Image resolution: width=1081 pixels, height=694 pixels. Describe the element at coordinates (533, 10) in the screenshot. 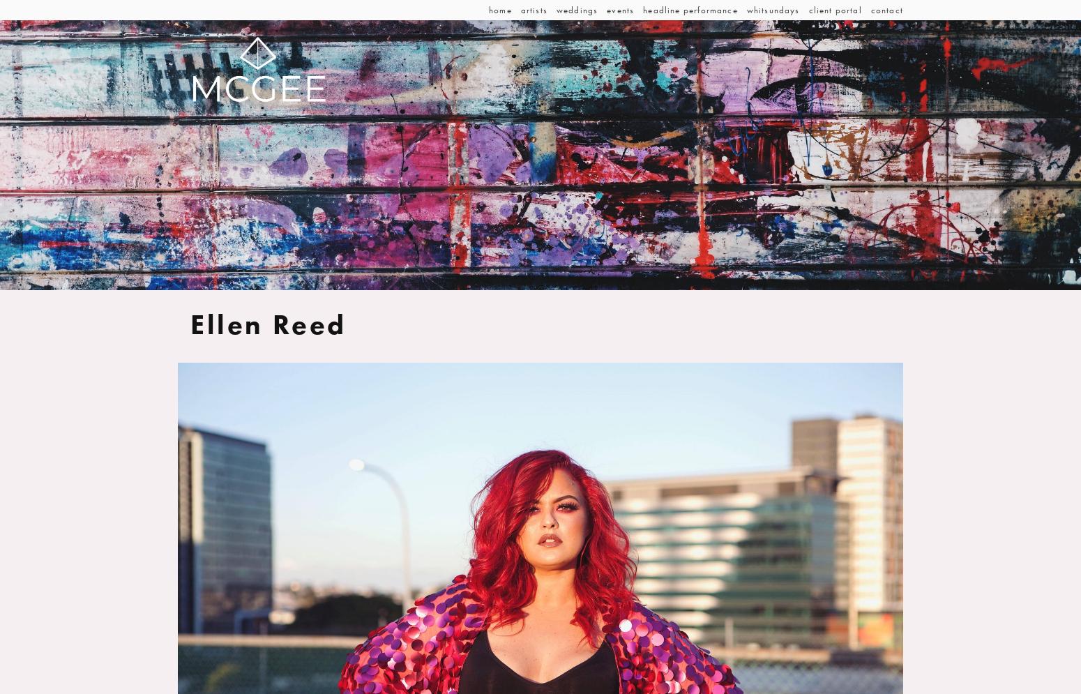

I see `'Artists'` at that location.